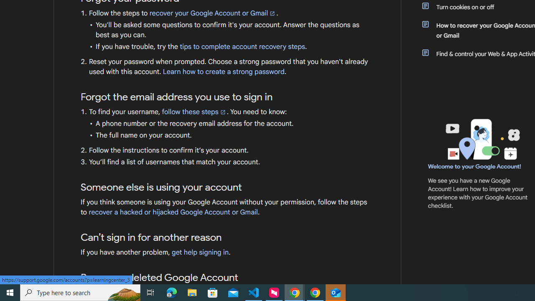 This screenshot has width=535, height=301. Describe the element at coordinates (194, 111) in the screenshot. I see `'follow these steps'` at that location.